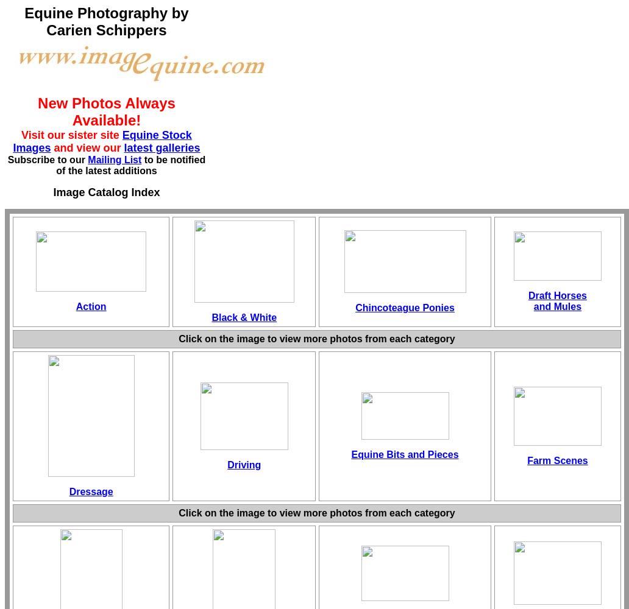 The height and width of the screenshot is (609, 629). I want to click on 'and Mules', so click(556, 306).